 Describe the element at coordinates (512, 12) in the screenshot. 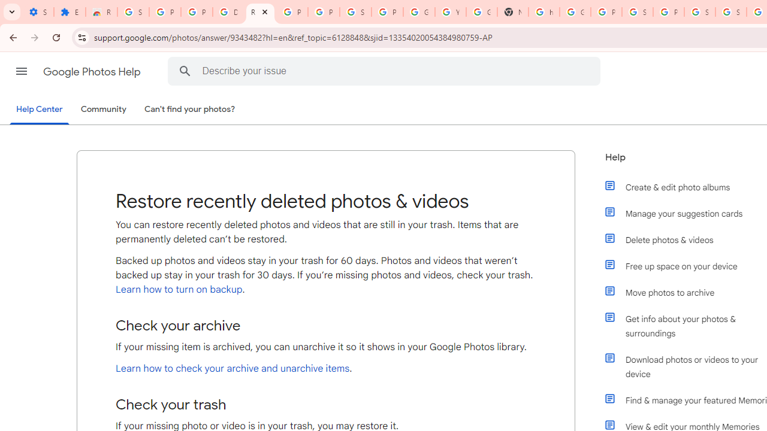

I see `'New Tab'` at that location.